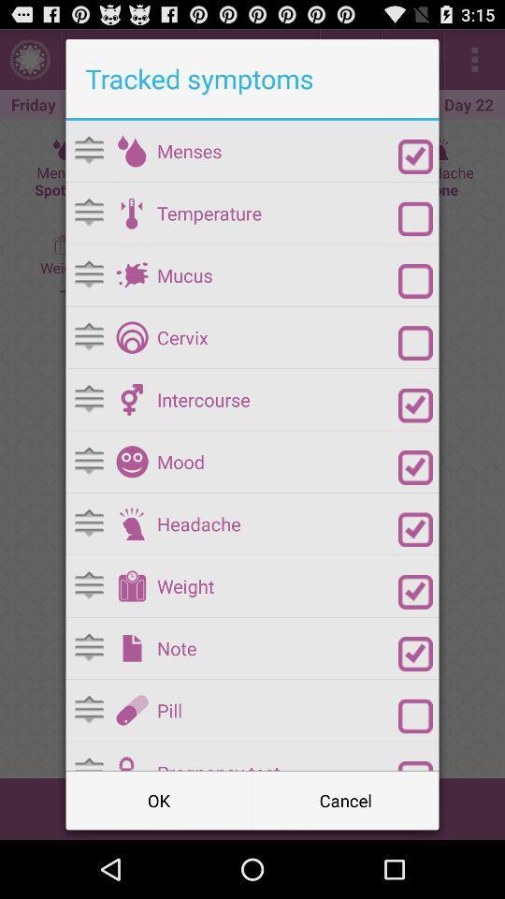  What do you see at coordinates (277, 648) in the screenshot?
I see `the item above pill icon` at bounding box center [277, 648].